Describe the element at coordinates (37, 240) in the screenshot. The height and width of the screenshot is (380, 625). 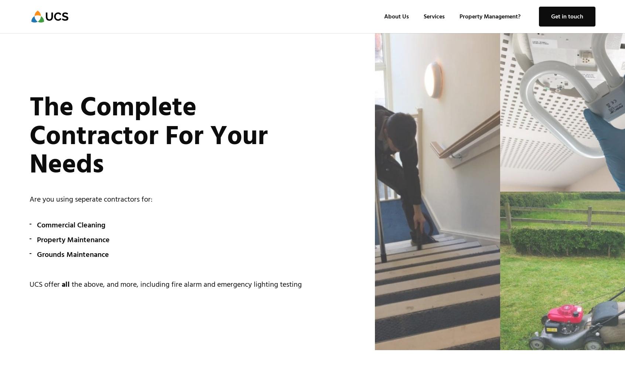
I see `'Property Maintenance'` at that location.